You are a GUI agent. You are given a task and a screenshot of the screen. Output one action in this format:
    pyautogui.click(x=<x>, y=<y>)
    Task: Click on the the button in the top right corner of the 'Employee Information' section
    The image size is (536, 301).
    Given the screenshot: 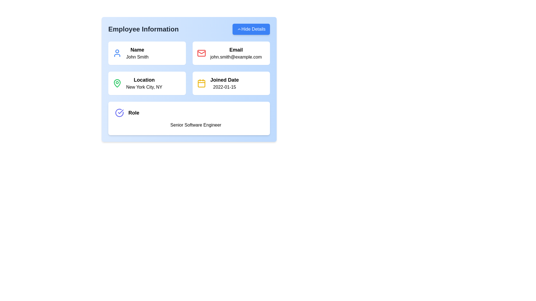 What is the action you would take?
    pyautogui.click(x=251, y=29)
    